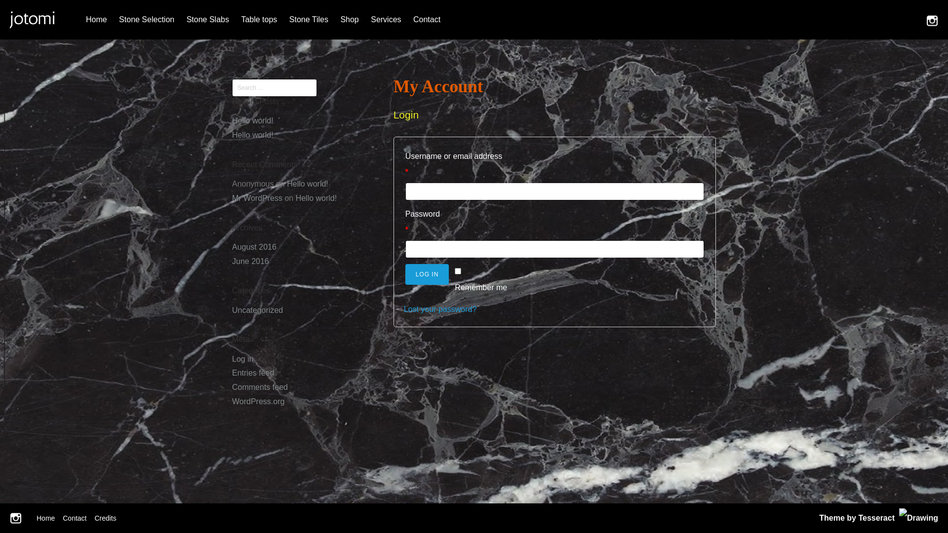 The image size is (948, 533). I want to click on 'August 2016', so click(254, 246).